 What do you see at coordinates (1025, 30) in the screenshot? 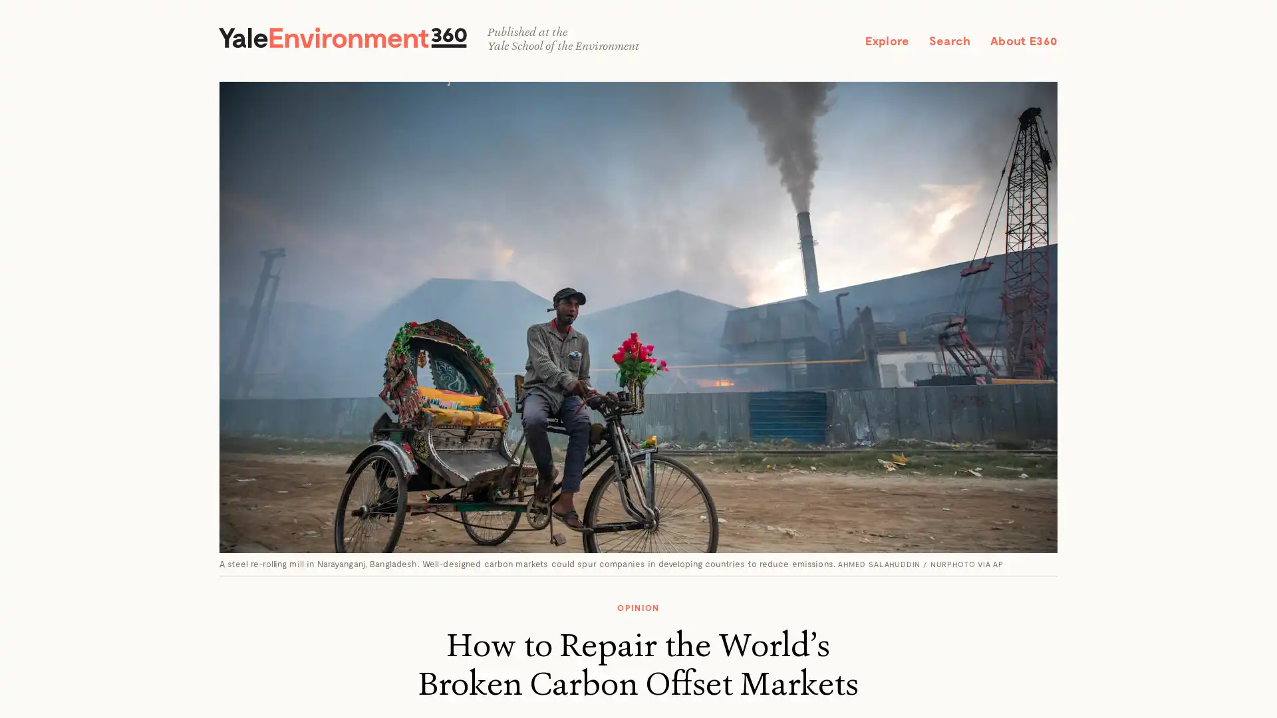
I see `SEARCH` at bounding box center [1025, 30].